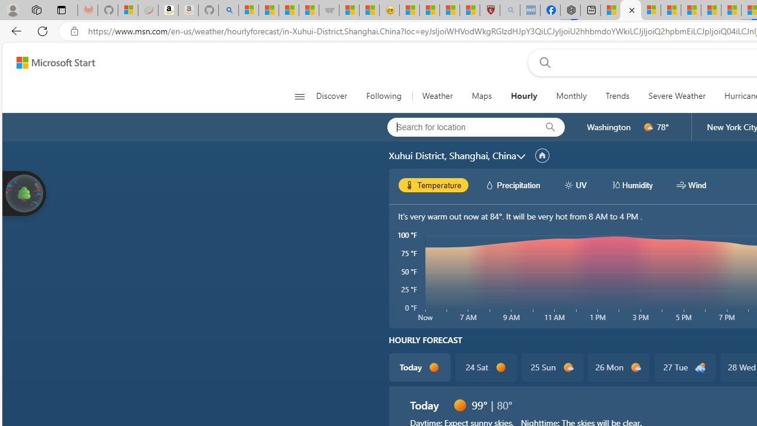 Image resolution: width=757 pixels, height=426 pixels. Describe the element at coordinates (409, 10) in the screenshot. I see `'Recipes - MSN'` at that location.